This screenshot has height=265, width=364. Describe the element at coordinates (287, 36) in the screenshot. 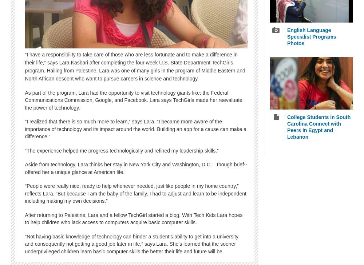

I see `'English Language Specialist Programs Photos'` at that location.